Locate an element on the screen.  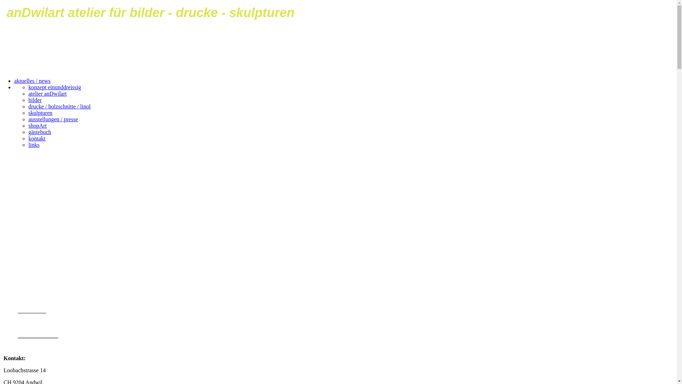
'links' is located at coordinates (33, 144).